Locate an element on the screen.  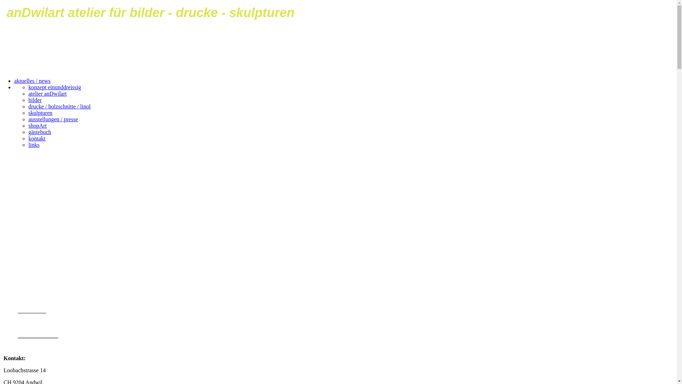
'links' is located at coordinates (33, 144).